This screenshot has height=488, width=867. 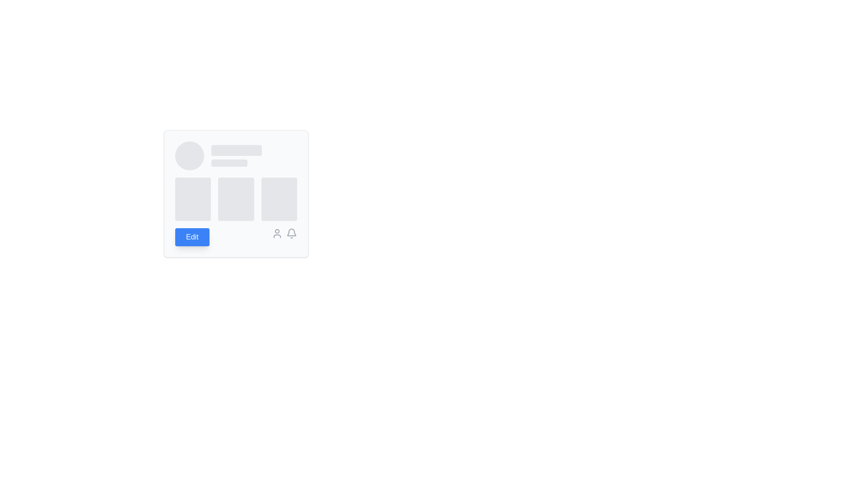 What do you see at coordinates (292, 232) in the screenshot?
I see `the notification icon located at the bottom right corner of the card UI component` at bounding box center [292, 232].